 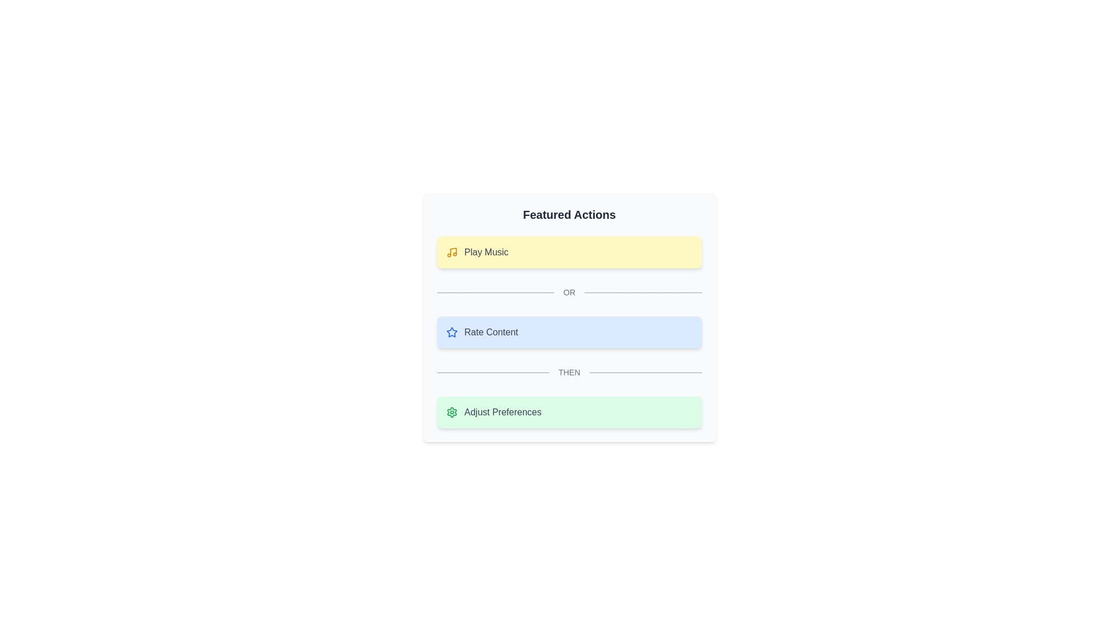 I want to click on the bold heading 'Featured Actions', which is styled with a larger font size and center alignment, located within a white card-like structure, so click(x=569, y=214).